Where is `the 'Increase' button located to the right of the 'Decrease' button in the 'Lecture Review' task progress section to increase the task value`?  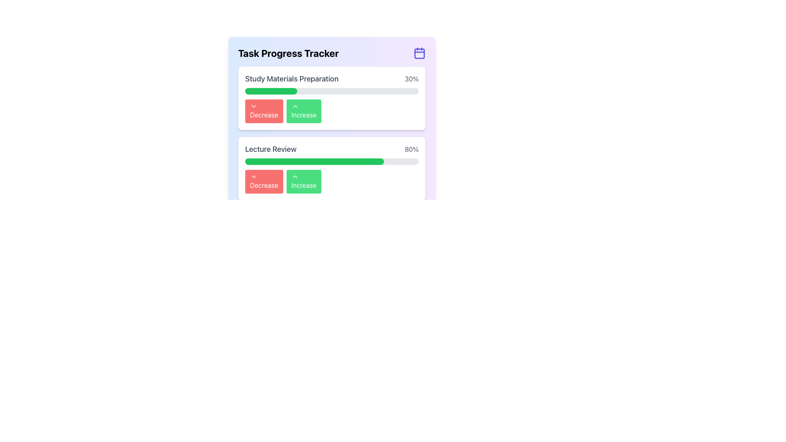
the 'Increase' button located to the right of the 'Decrease' button in the 'Lecture Review' task progress section to increase the task value is located at coordinates (303, 181).